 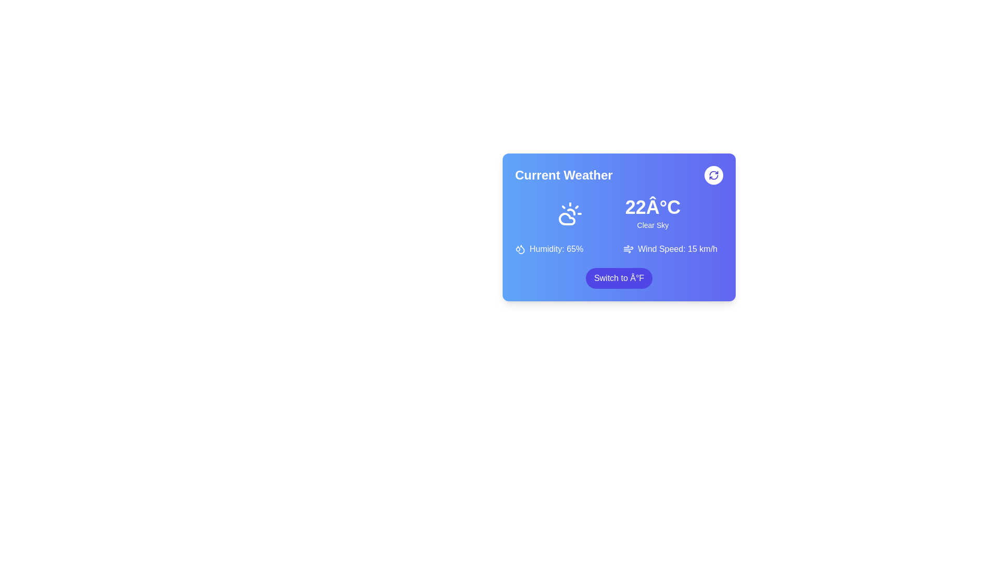 I want to click on the text label displaying '22Â°C' which represents a temperature measurement, located prominently near the top-center of a rectangular card in the interface, so click(x=652, y=207).